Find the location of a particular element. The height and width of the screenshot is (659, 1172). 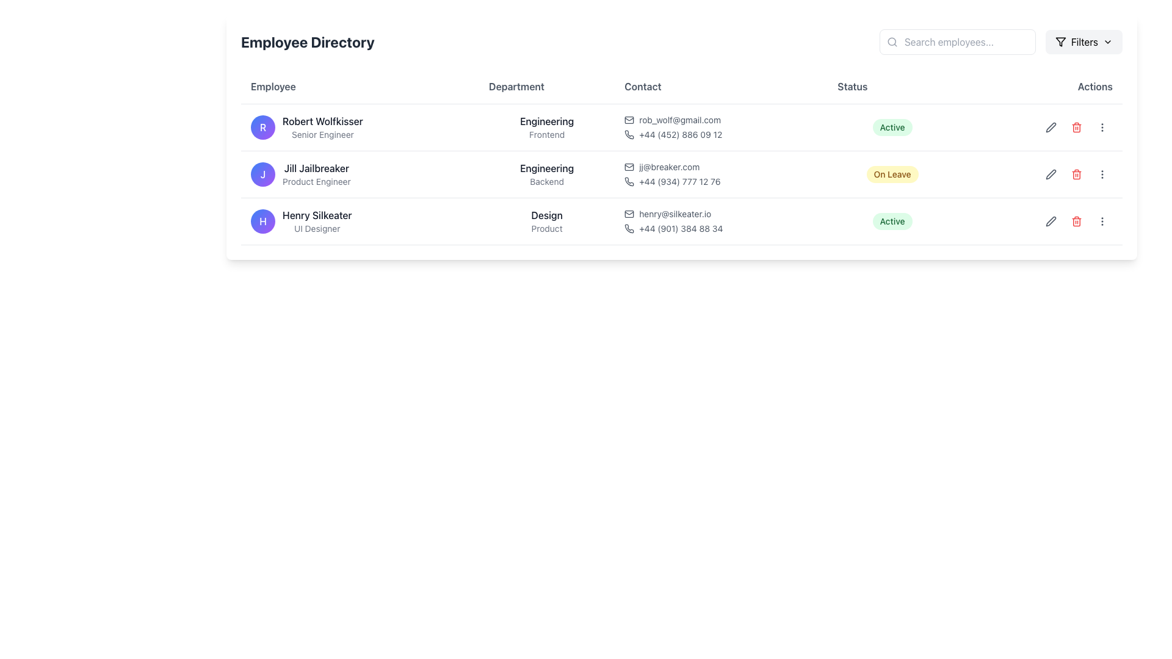

the gray rounded magnifying glass search icon located inside the search bar at the top-right corner of the content card, aligned vertically centered within the bar is located at coordinates (892, 41).